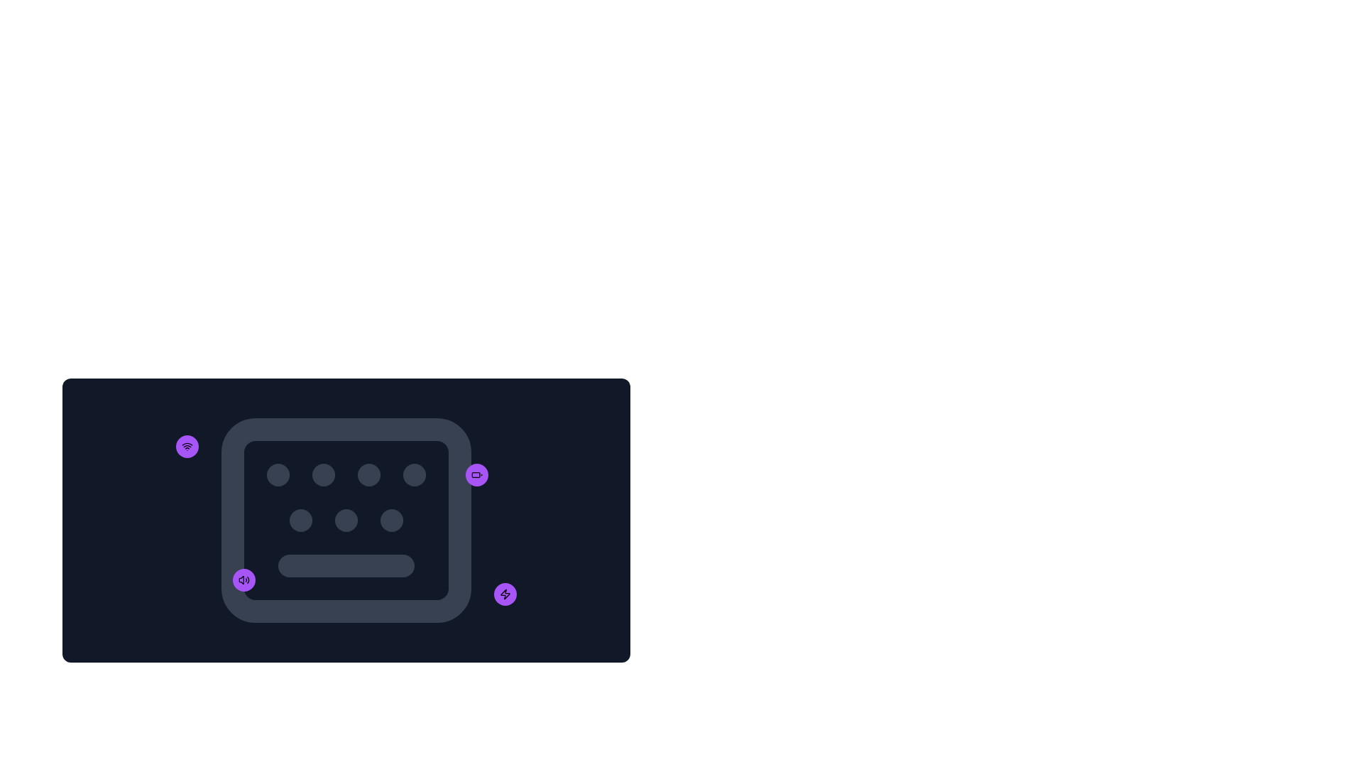 The image size is (1363, 767). Describe the element at coordinates (187, 445) in the screenshot. I see `the Wi-Fi button located in the top left quadrant of the dark-themed interface` at that location.